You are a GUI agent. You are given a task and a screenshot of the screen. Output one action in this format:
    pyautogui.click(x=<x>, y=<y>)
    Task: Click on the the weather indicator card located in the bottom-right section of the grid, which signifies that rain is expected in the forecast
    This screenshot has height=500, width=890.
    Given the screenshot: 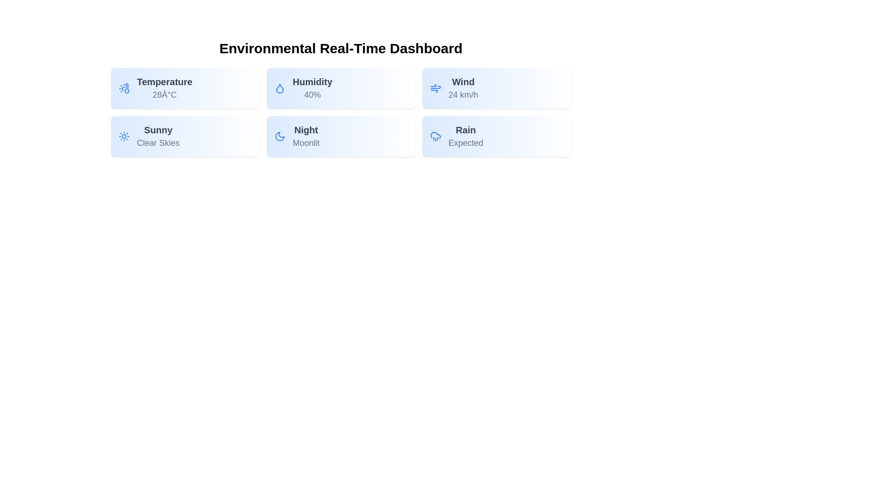 What is the action you would take?
    pyautogui.click(x=496, y=136)
    